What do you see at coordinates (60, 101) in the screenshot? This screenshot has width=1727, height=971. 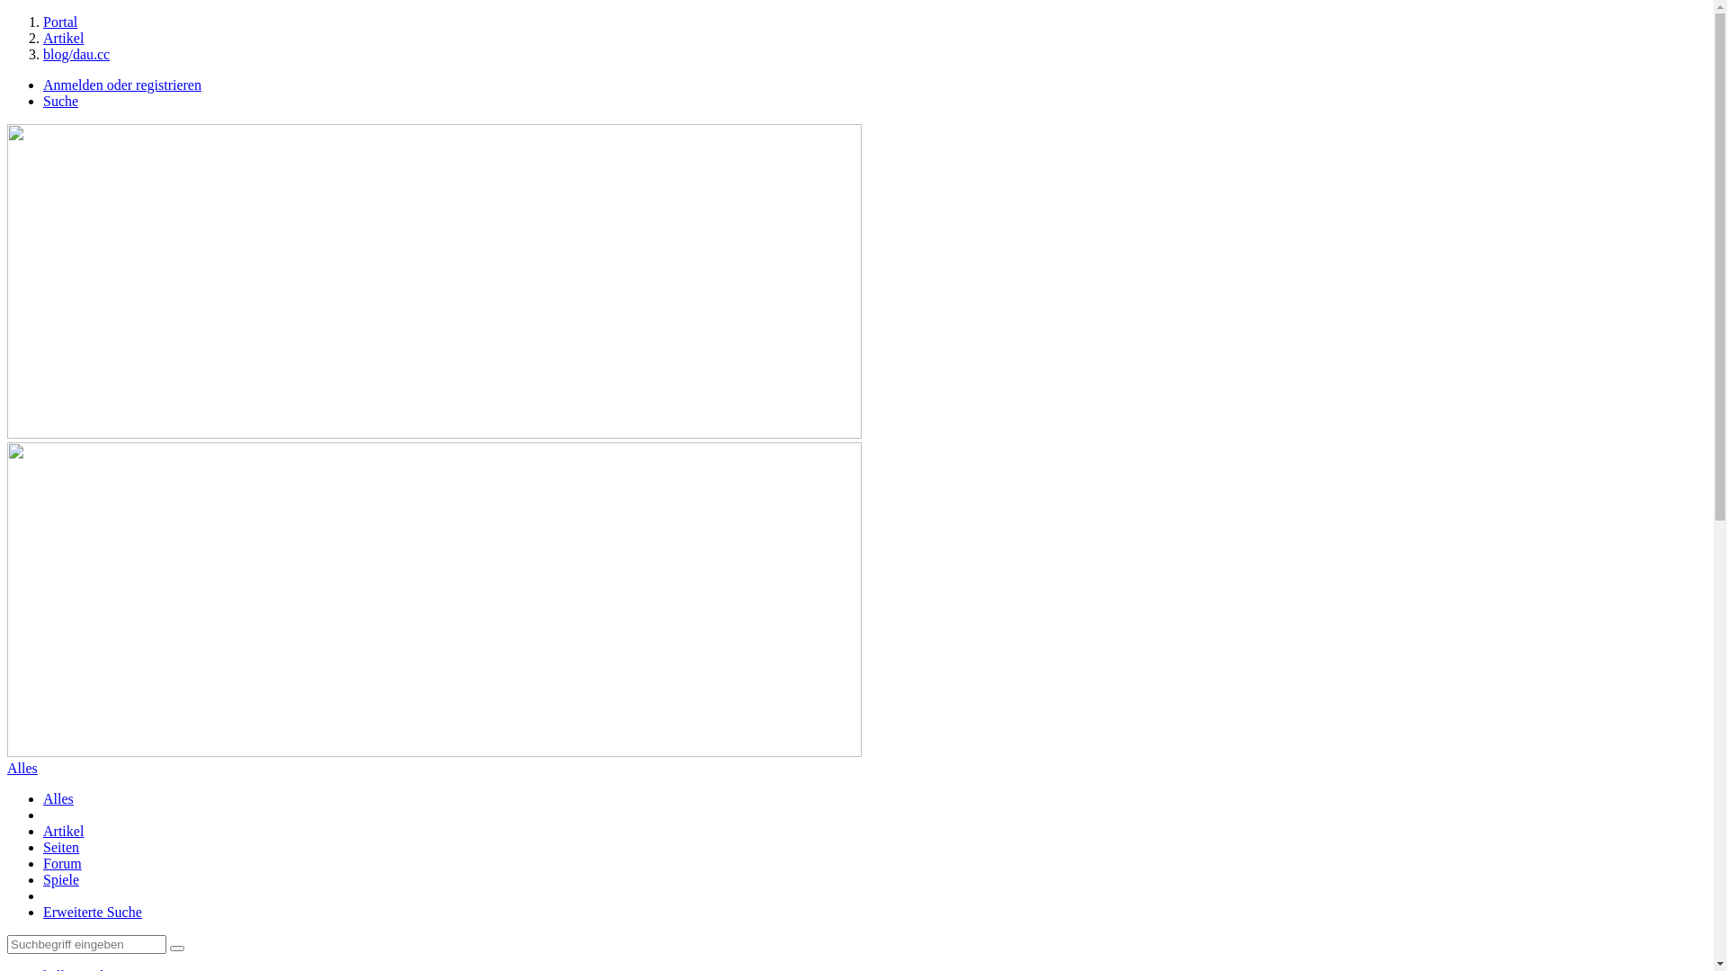 I see `'Suche'` at bounding box center [60, 101].